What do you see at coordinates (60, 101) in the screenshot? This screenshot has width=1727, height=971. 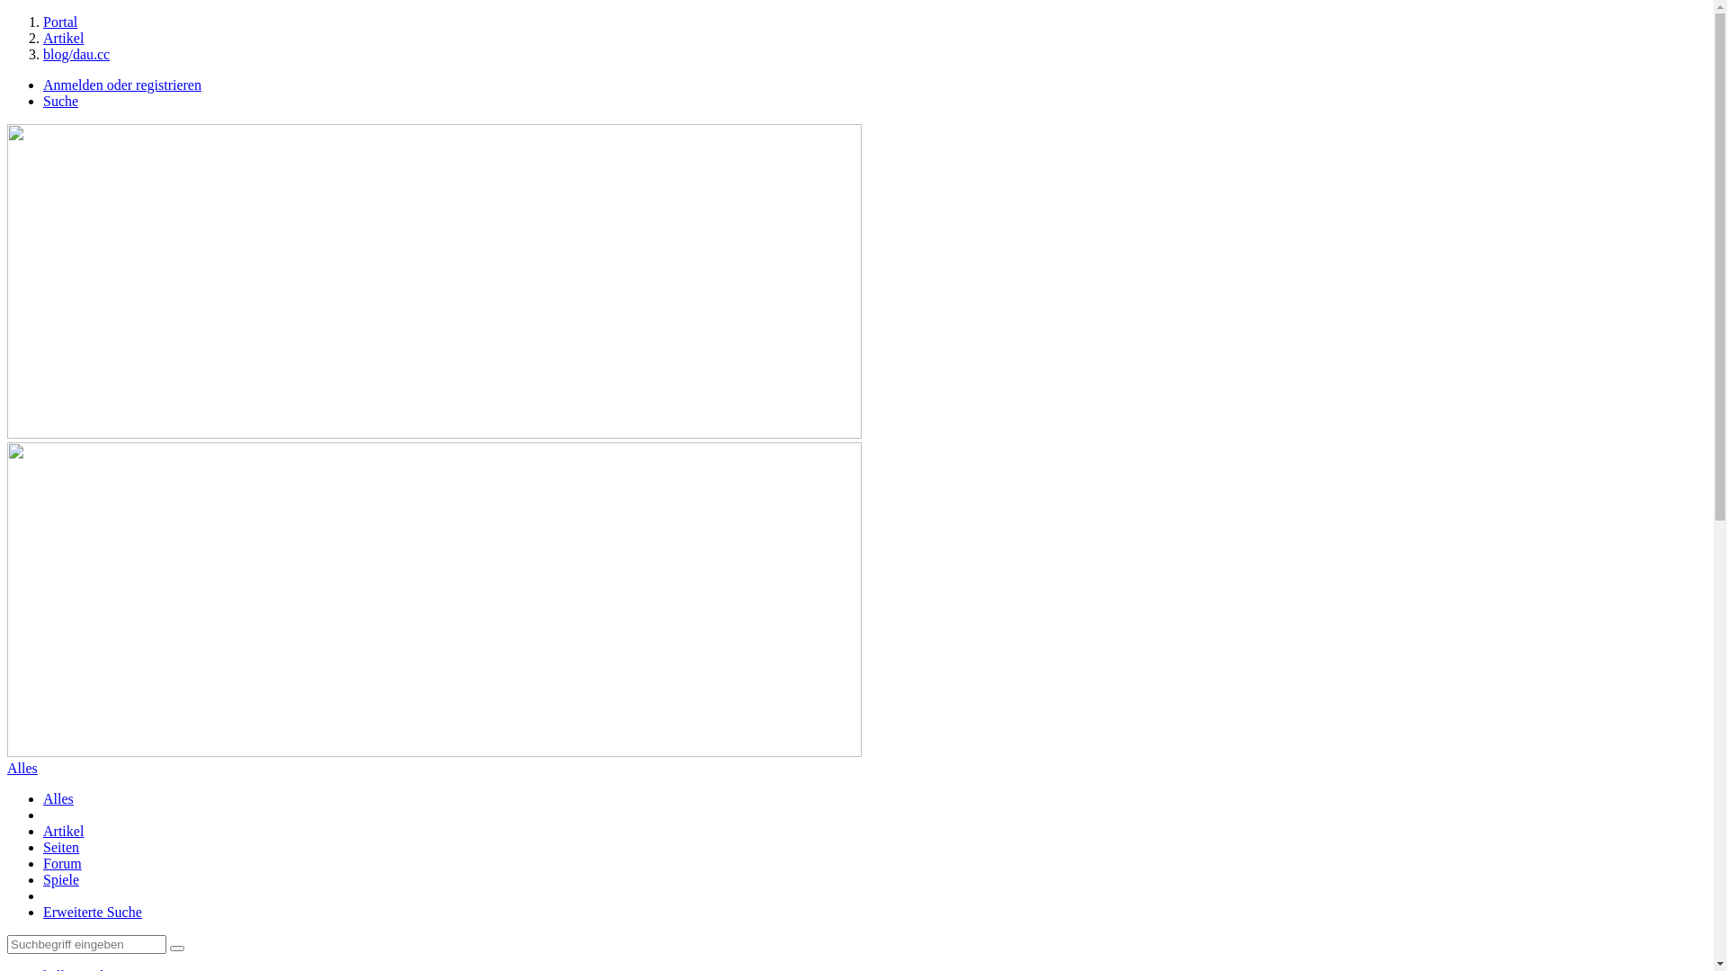 I see `'Suche'` at bounding box center [60, 101].